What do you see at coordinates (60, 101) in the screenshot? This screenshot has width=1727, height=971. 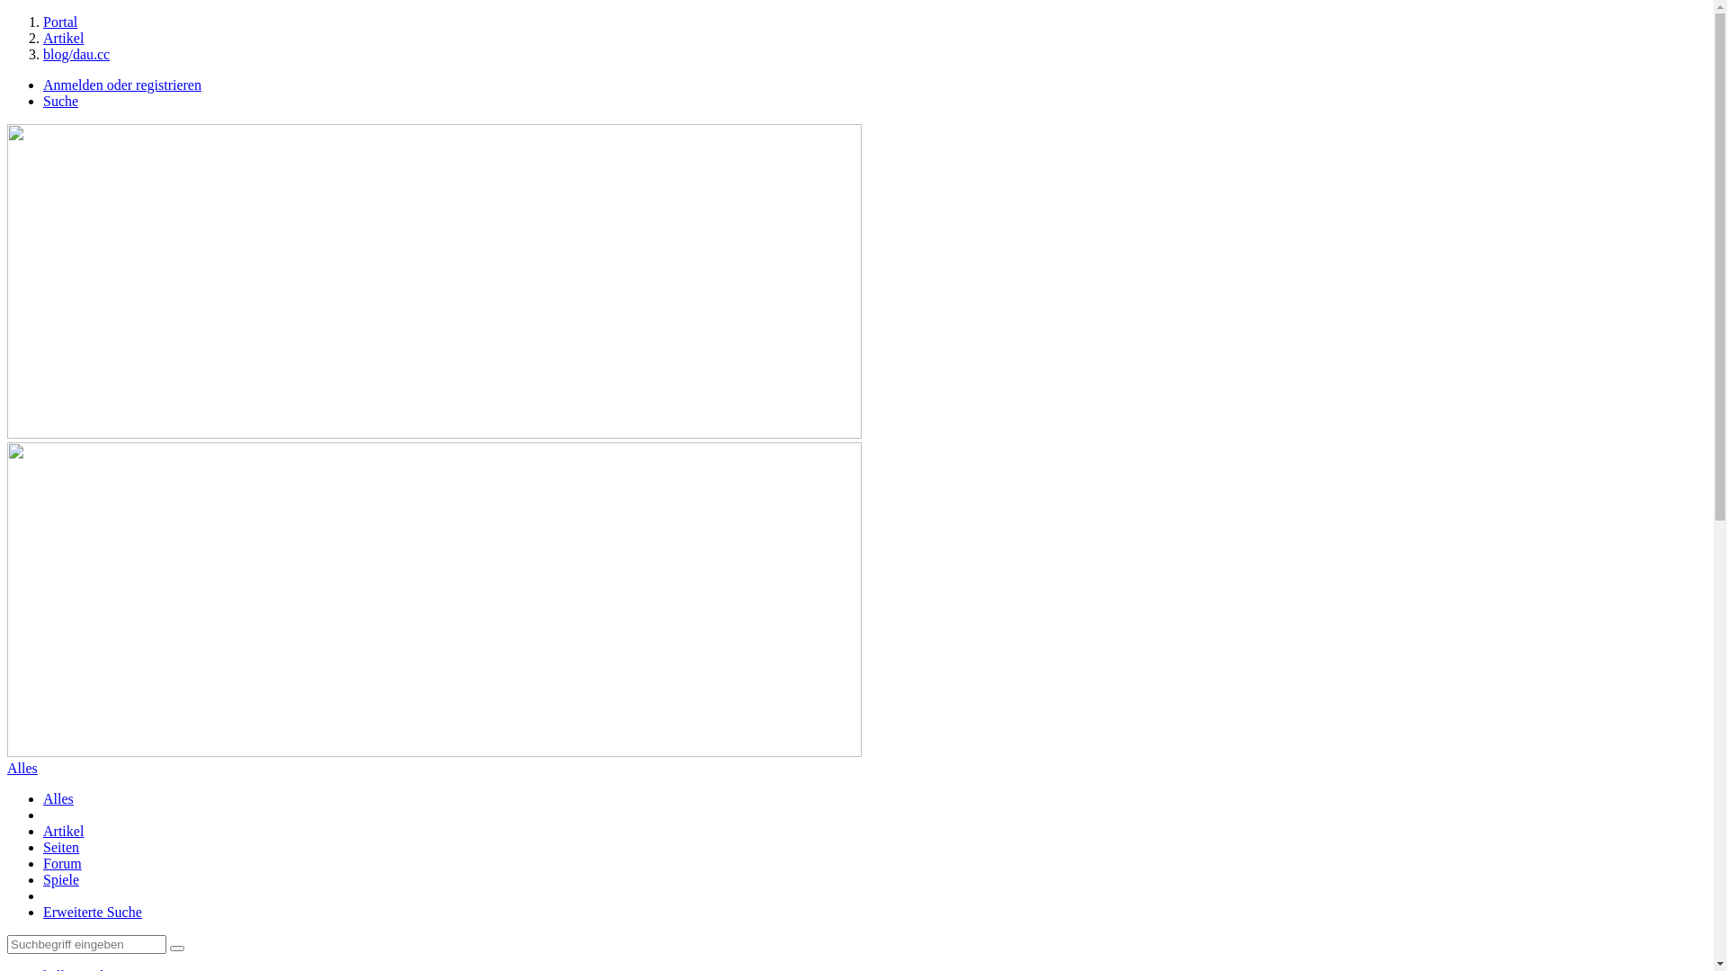 I see `'Suche'` at bounding box center [60, 101].